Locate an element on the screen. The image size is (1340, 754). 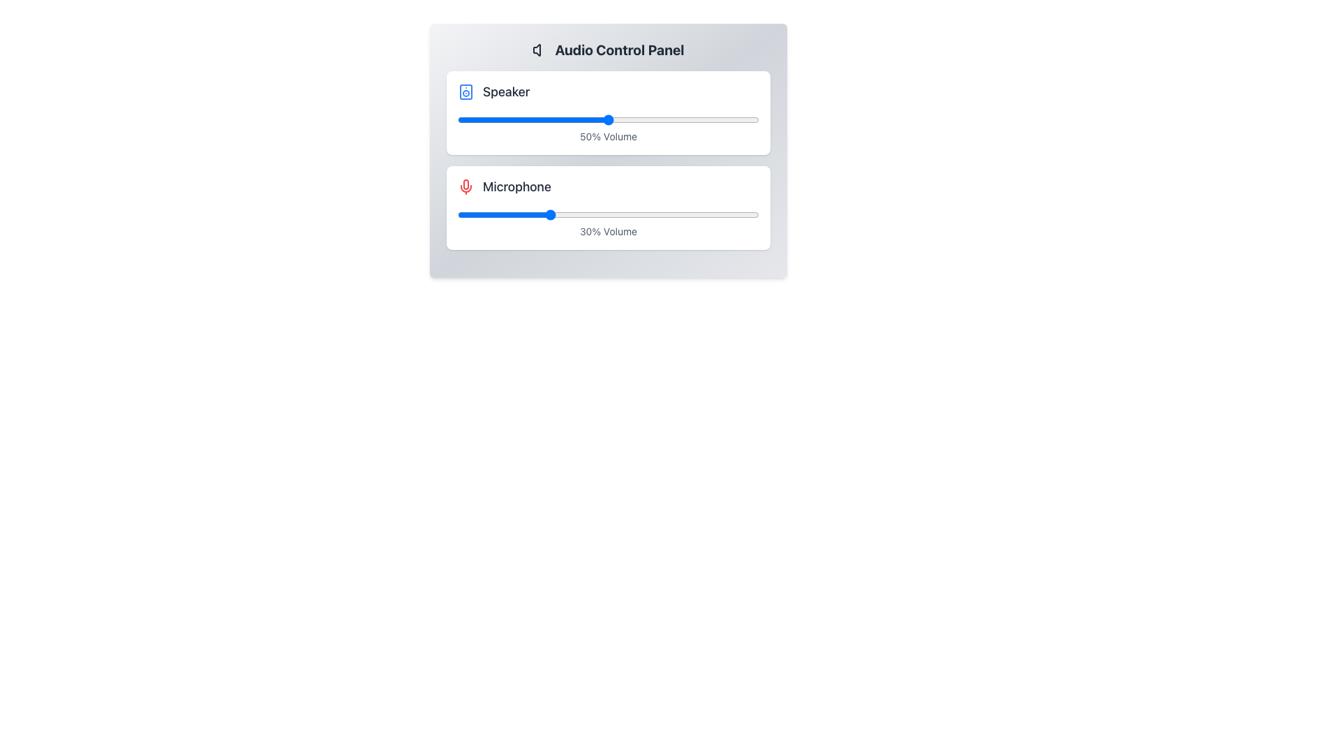
the slider value is located at coordinates (699, 119).